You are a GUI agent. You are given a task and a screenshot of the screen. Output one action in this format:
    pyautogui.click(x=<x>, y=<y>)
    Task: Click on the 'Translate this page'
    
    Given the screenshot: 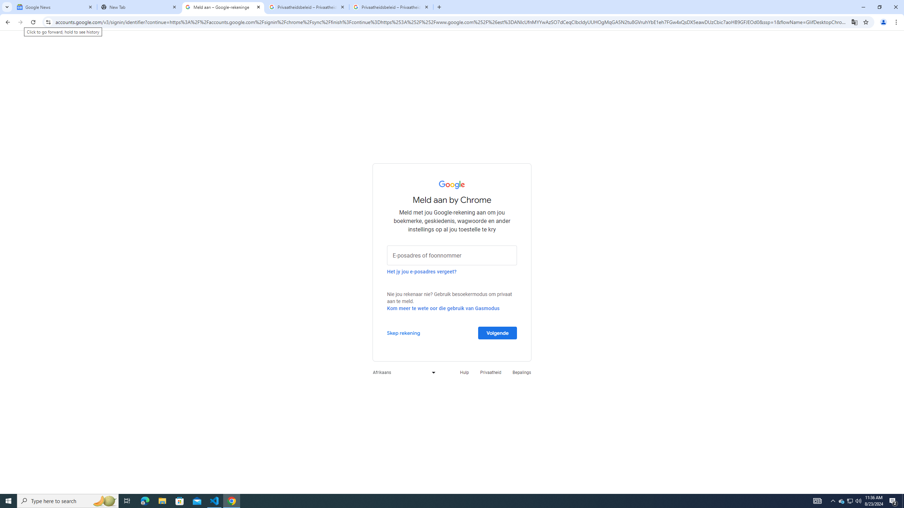 What is the action you would take?
    pyautogui.click(x=855, y=22)
    